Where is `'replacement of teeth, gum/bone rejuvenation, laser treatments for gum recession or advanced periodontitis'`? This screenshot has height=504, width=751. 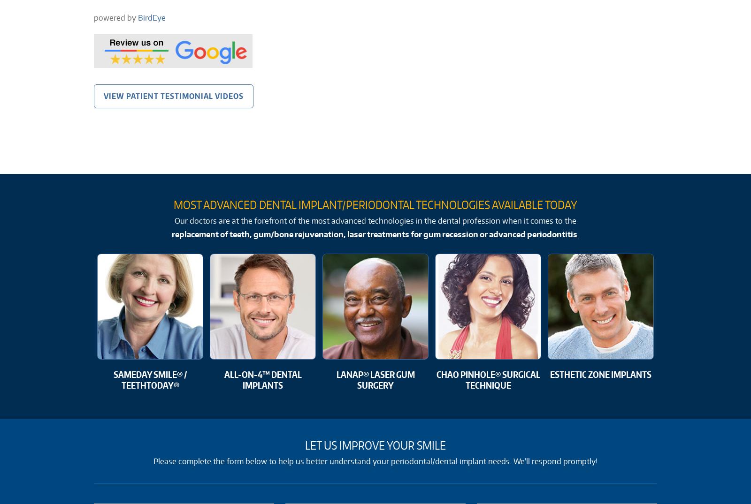
'replacement of teeth, gum/bone rejuvenation, laser treatments for gum recession or advanced periodontitis' is located at coordinates (375, 233).